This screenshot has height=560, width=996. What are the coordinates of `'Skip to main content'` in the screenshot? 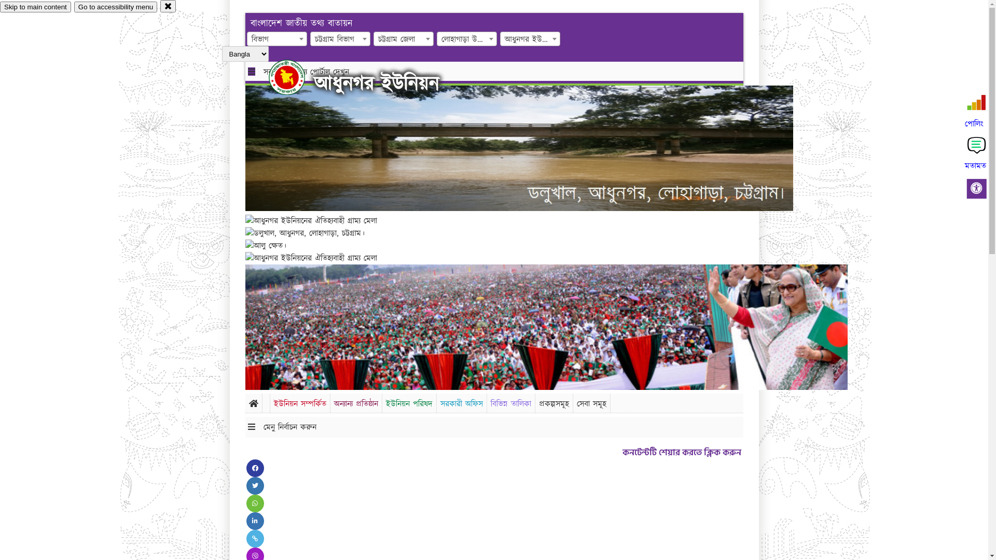 It's located at (35, 7).